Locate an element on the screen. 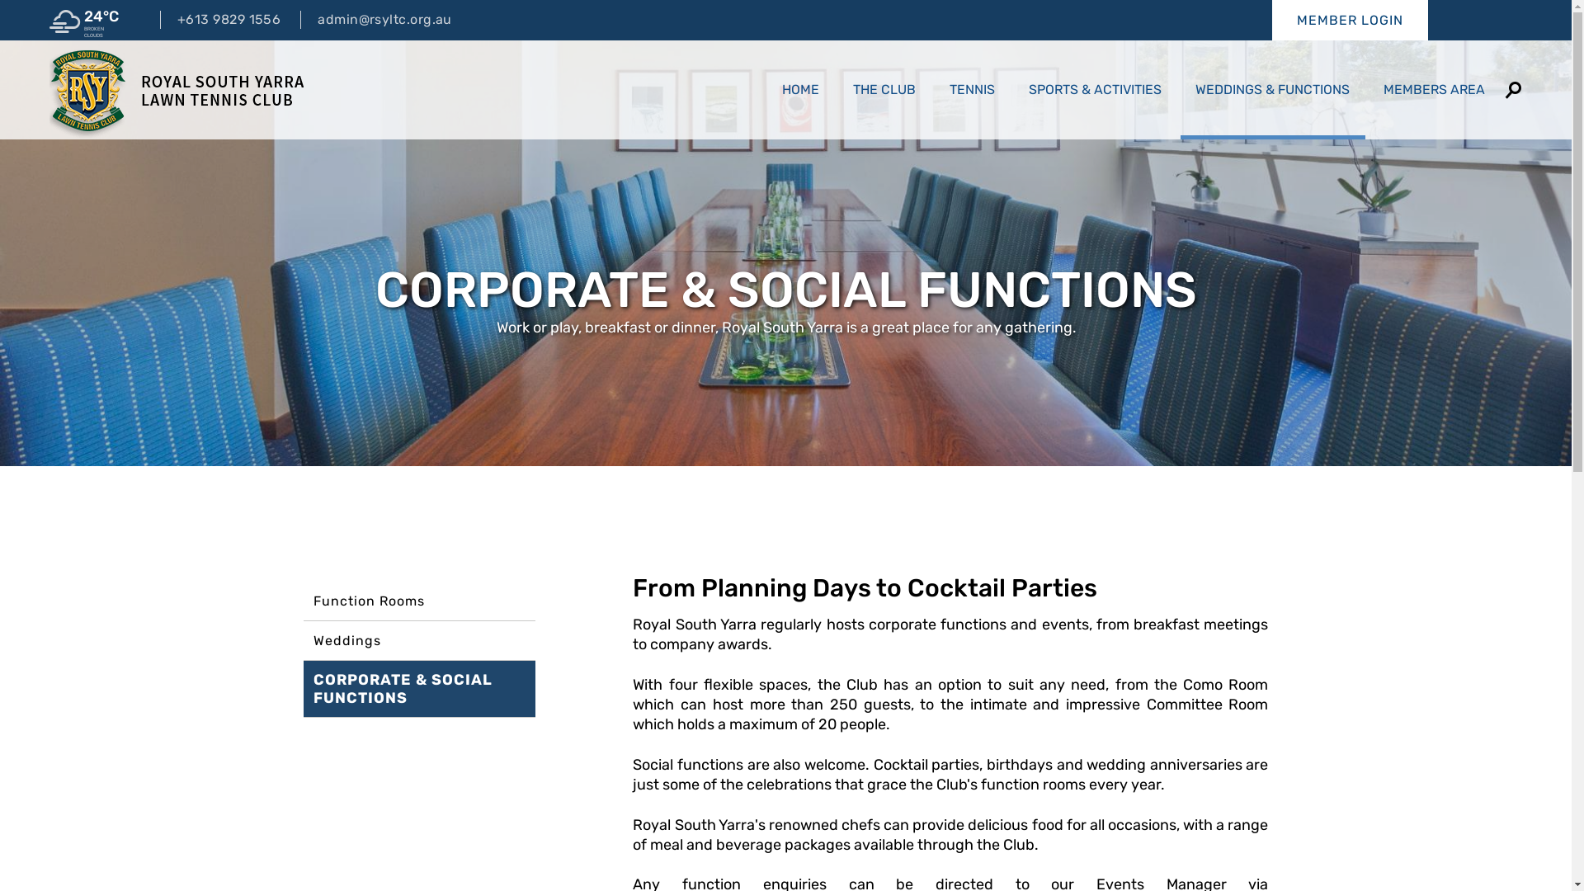 Image resolution: width=1584 pixels, height=891 pixels. 'HOME' is located at coordinates (800, 89).